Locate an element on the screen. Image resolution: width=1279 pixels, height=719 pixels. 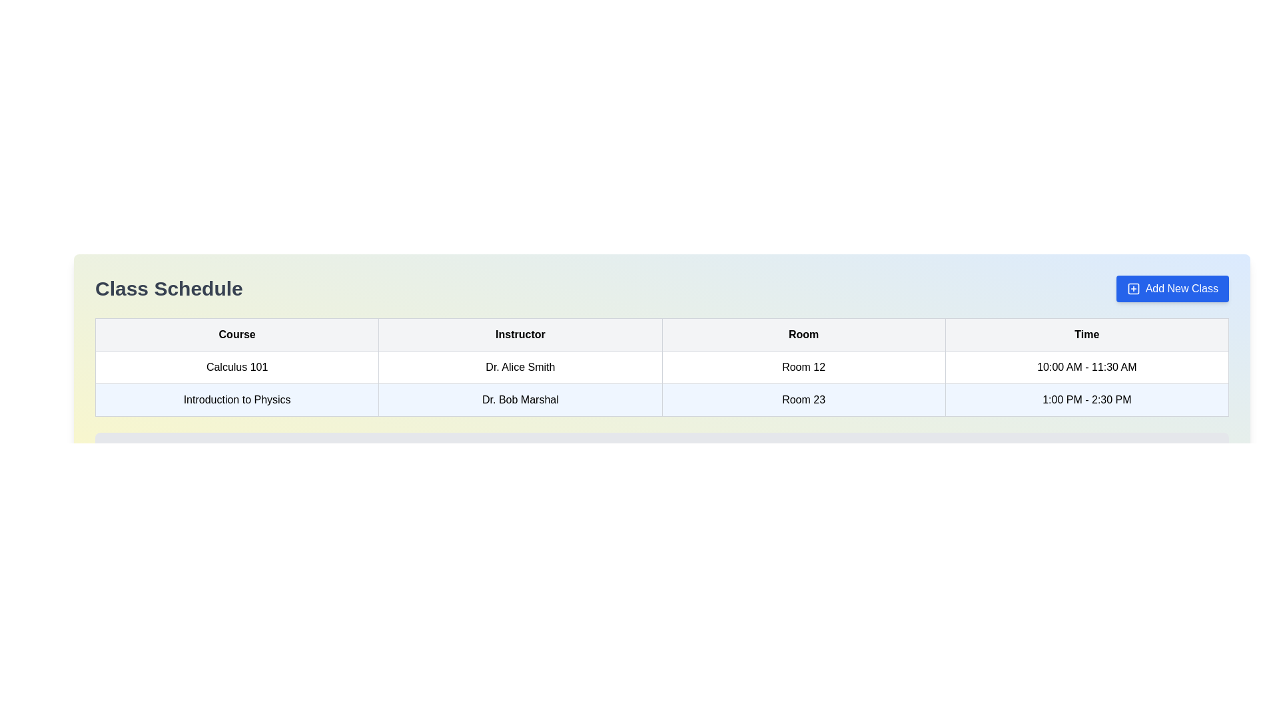
the second row in the Class Schedule table, which contains 'Introduction to Physics', 'Dr. Bob Marshal', 'Room 23', and '1:00 PM - 2:30 PM', distinguished by a light blue background is located at coordinates (661, 399).